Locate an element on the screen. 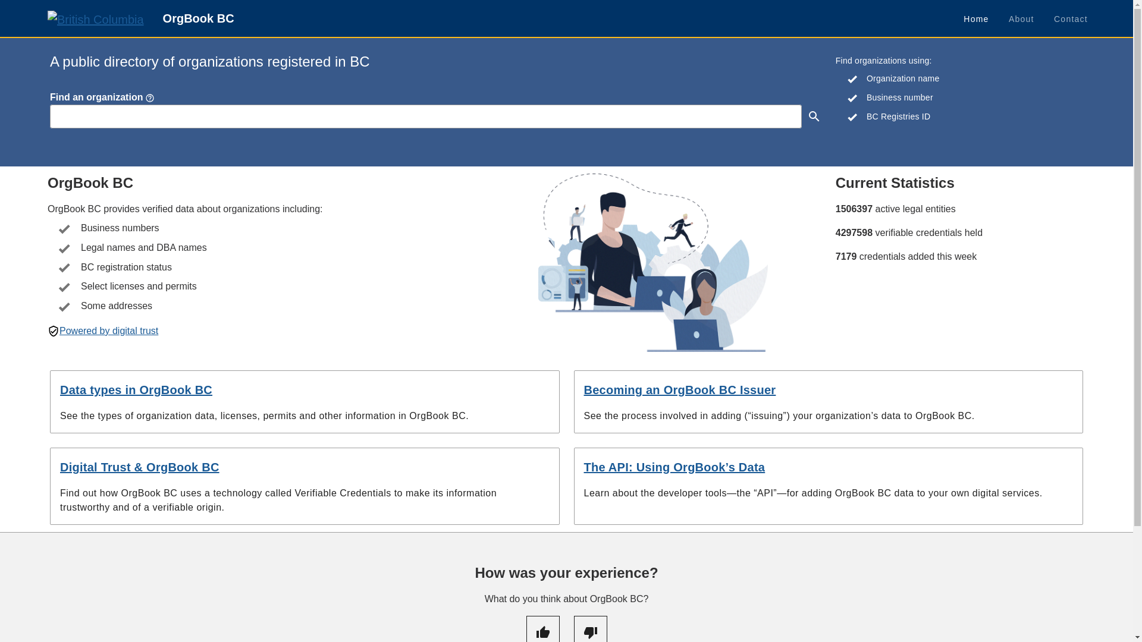 Image resolution: width=1142 pixels, height=642 pixels. 'Powered by digital trust' is located at coordinates (108, 331).